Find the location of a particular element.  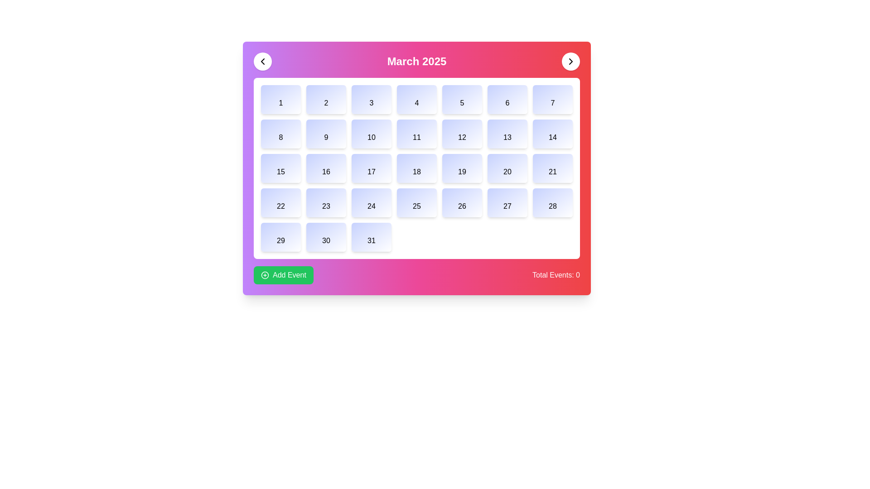

the calendar button representing the 16th day is located at coordinates (326, 168).